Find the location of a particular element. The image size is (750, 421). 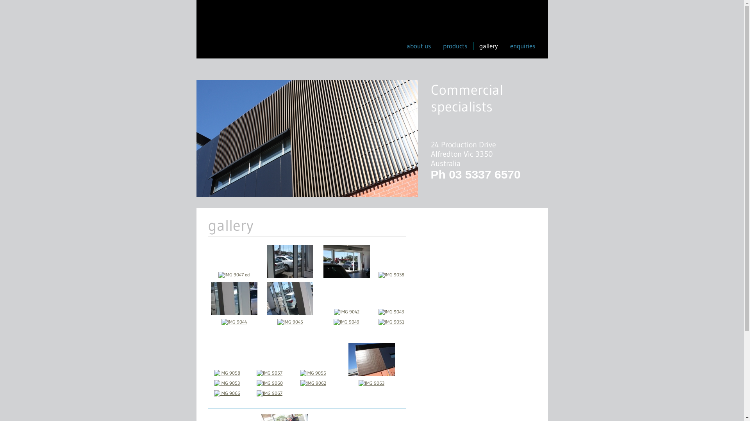

'IMG 9037' is located at coordinates (346, 274).